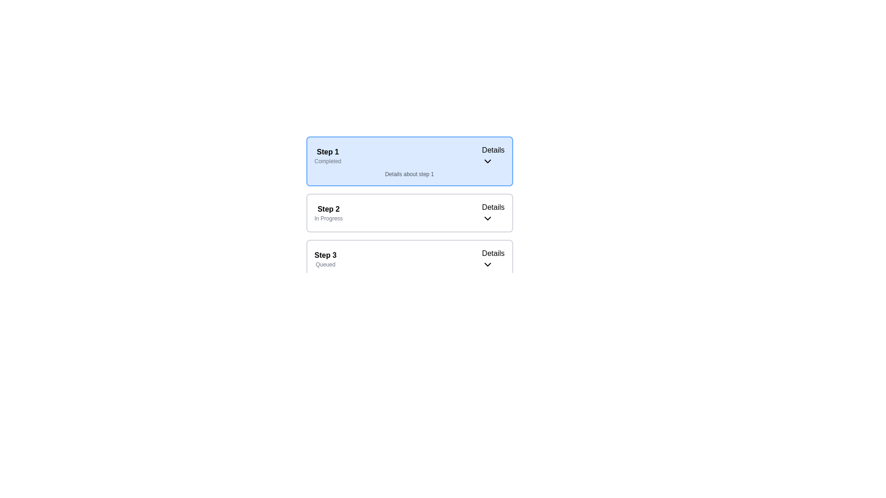 This screenshot has height=498, width=886. I want to click on the second card representing Step 2 in the process, which displays the status 'In Progress' and includes a 'Details' dropdown, so click(409, 207).